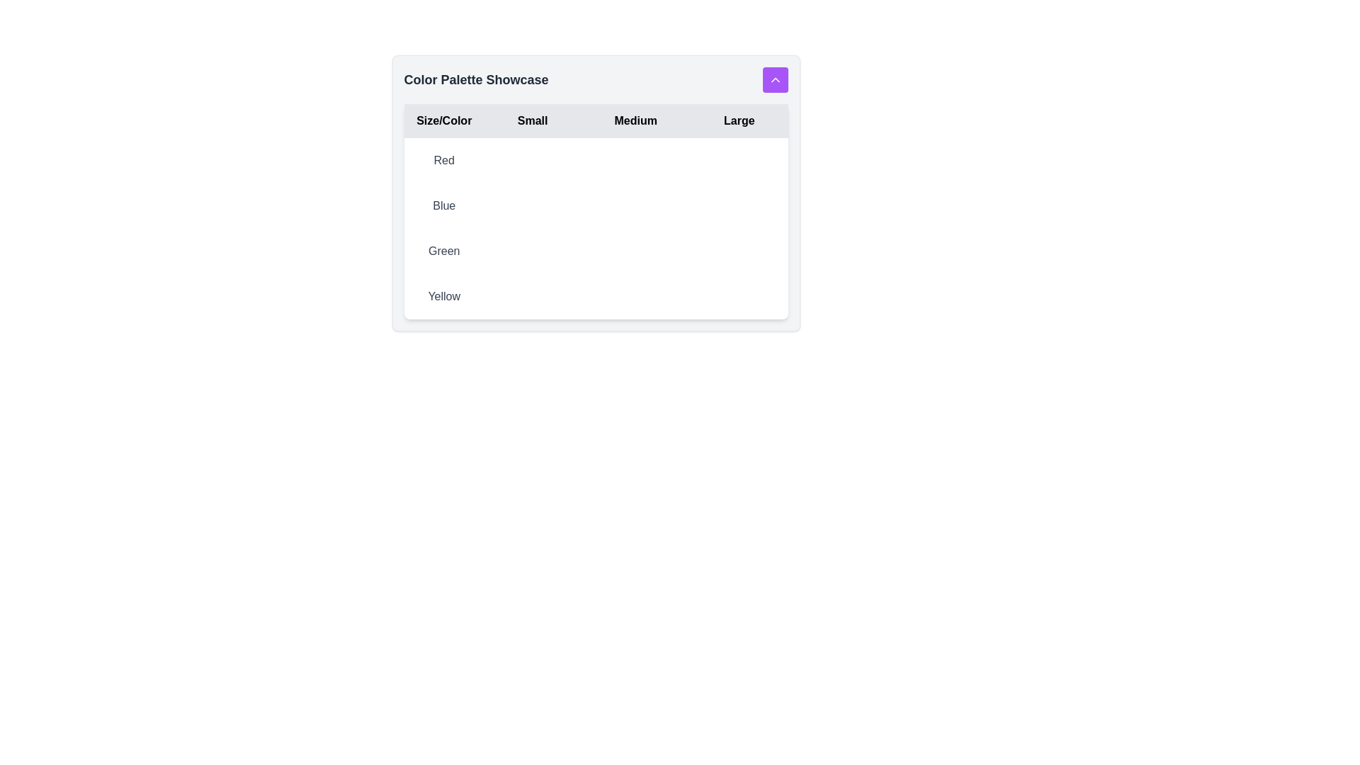 The width and height of the screenshot is (1360, 765). What do you see at coordinates (635, 205) in the screenshot?
I see `the 'Medium' button for the 'Blue' color option` at bounding box center [635, 205].